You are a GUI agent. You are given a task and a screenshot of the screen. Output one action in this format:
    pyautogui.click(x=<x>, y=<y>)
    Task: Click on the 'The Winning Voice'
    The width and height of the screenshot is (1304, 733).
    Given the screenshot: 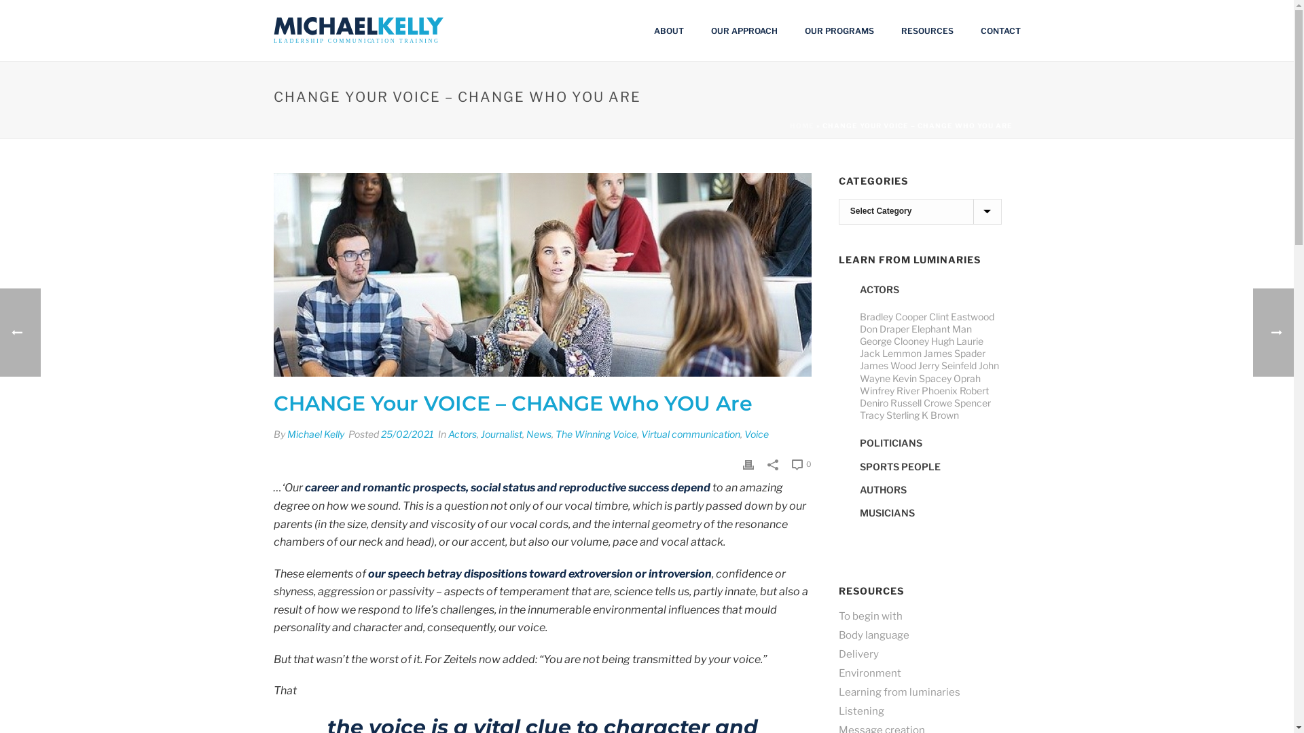 What is the action you would take?
    pyautogui.click(x=596, y=434)
    